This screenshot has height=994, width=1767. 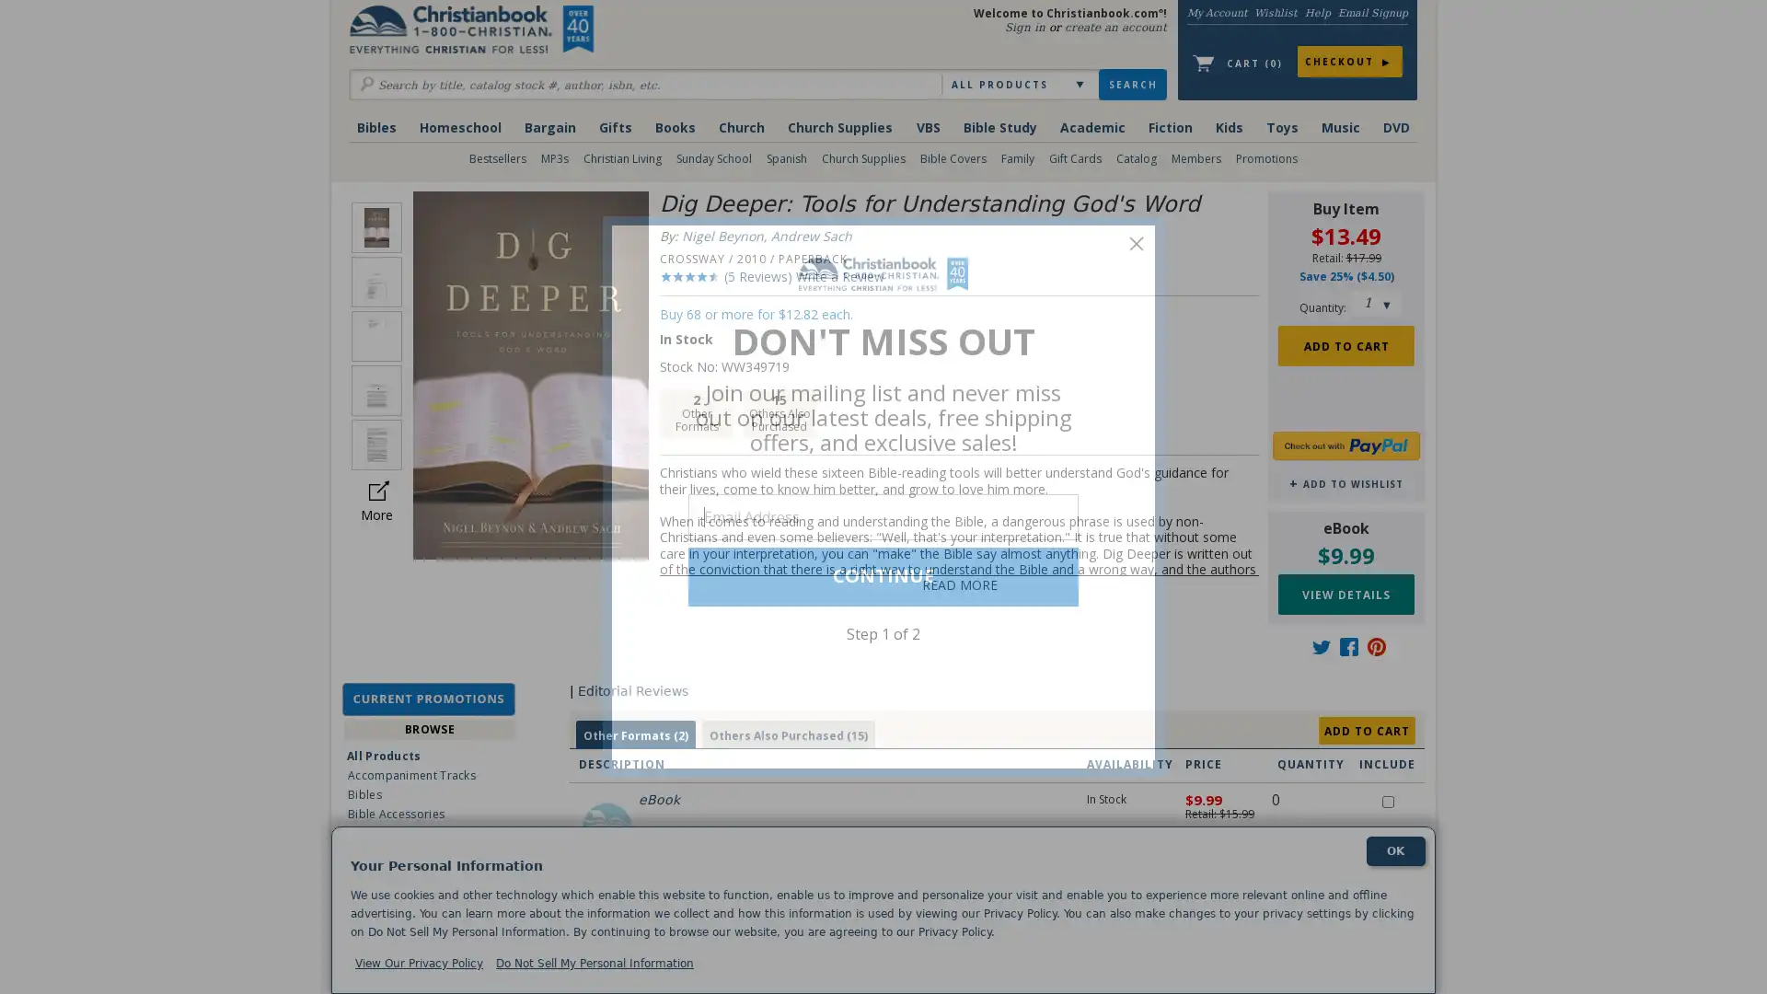 I want to click on View 15 Others Also Purchased, so click(x=787, y=734).